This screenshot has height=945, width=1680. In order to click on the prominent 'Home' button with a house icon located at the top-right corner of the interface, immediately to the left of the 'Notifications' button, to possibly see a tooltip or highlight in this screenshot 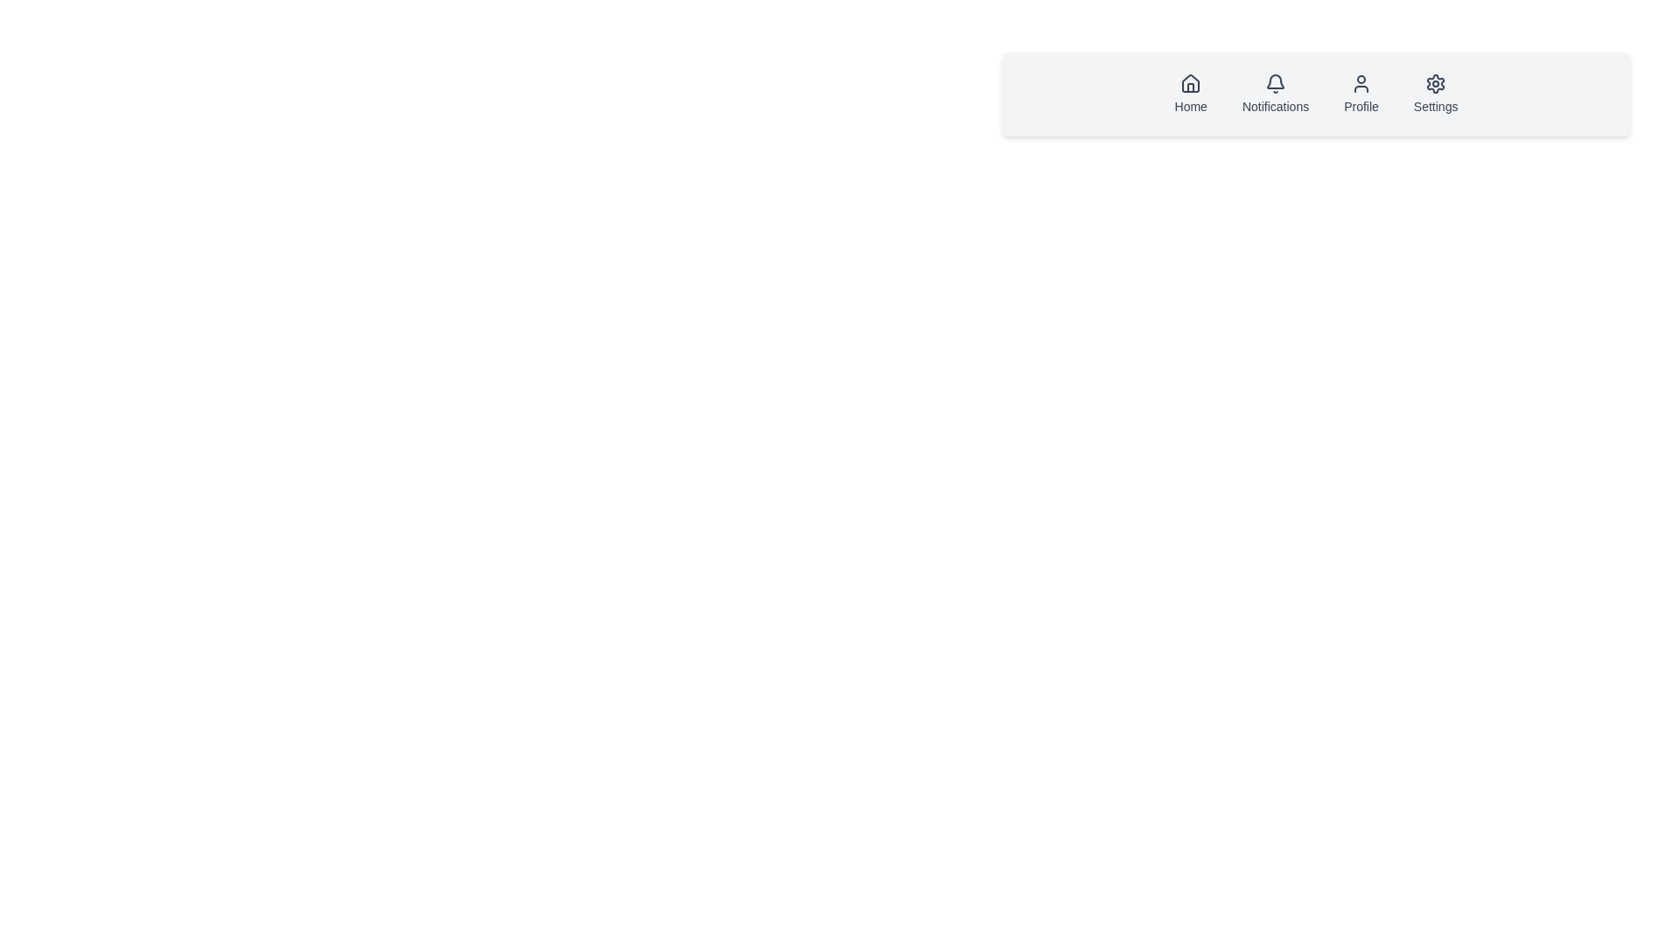, I will do `click(1190, 94)`.